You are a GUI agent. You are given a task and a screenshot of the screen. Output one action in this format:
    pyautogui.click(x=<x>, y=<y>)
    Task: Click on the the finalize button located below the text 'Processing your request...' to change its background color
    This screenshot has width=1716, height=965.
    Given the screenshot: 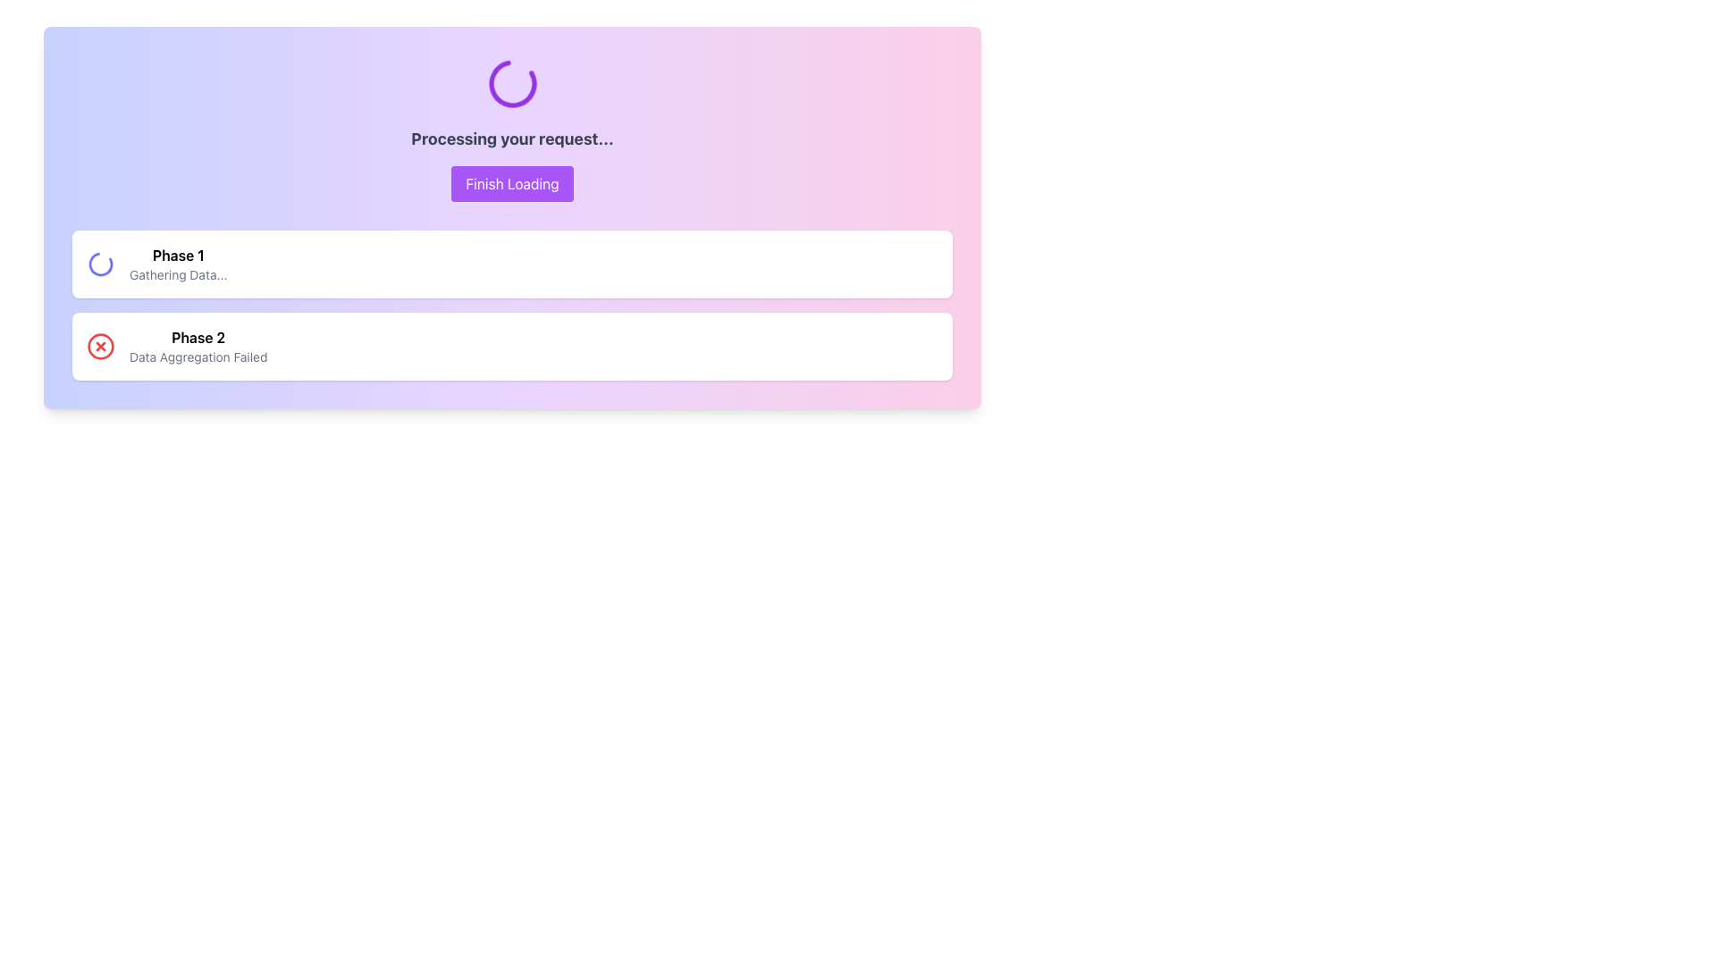 What is the action you would take?
    pyautogui.click(x=511, y=183)
    